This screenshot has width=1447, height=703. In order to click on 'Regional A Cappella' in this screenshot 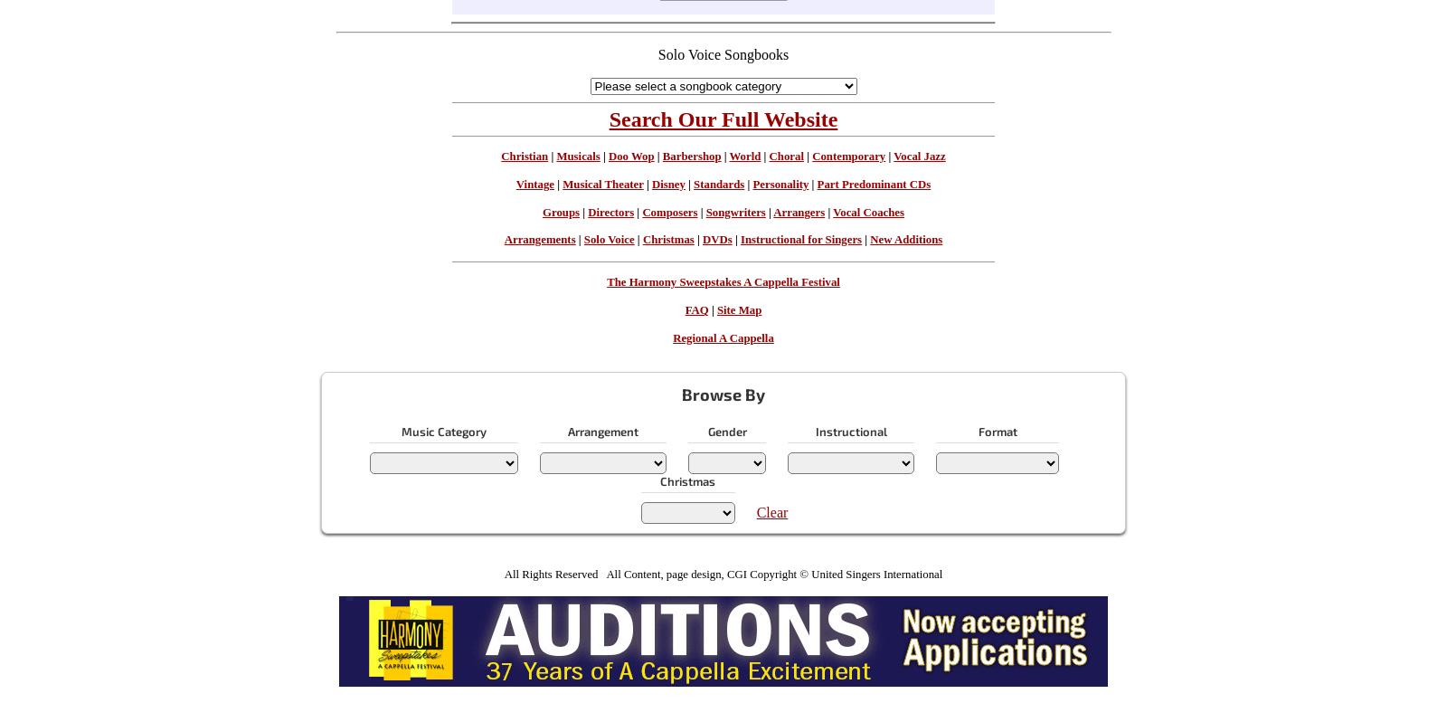, I will do `click(723, 337)`.